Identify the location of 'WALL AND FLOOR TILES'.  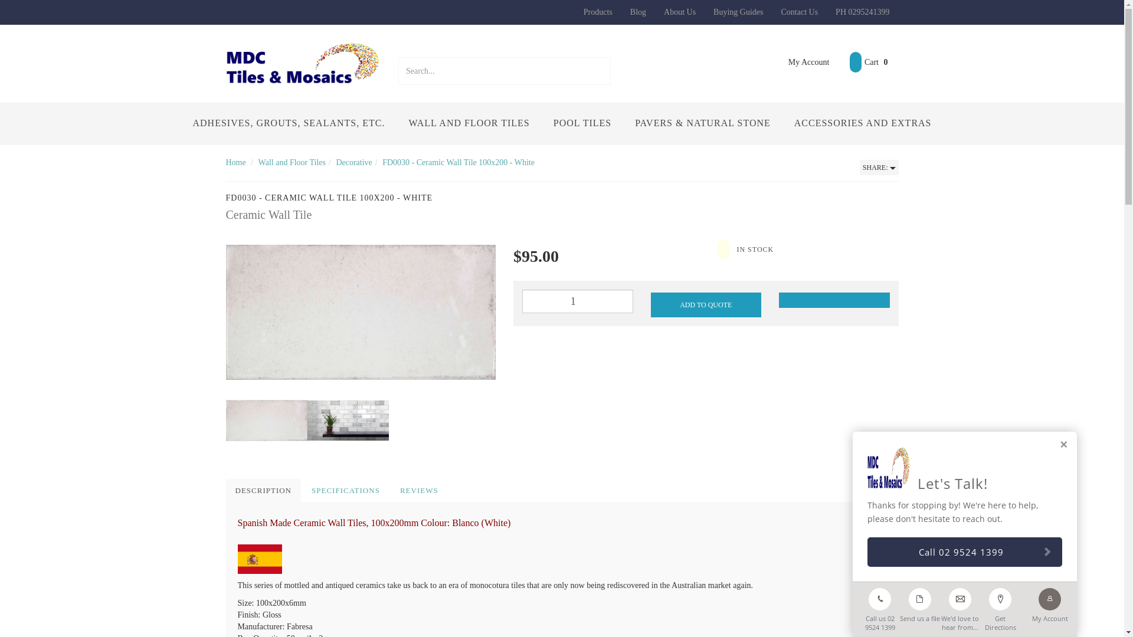
(397, 123).